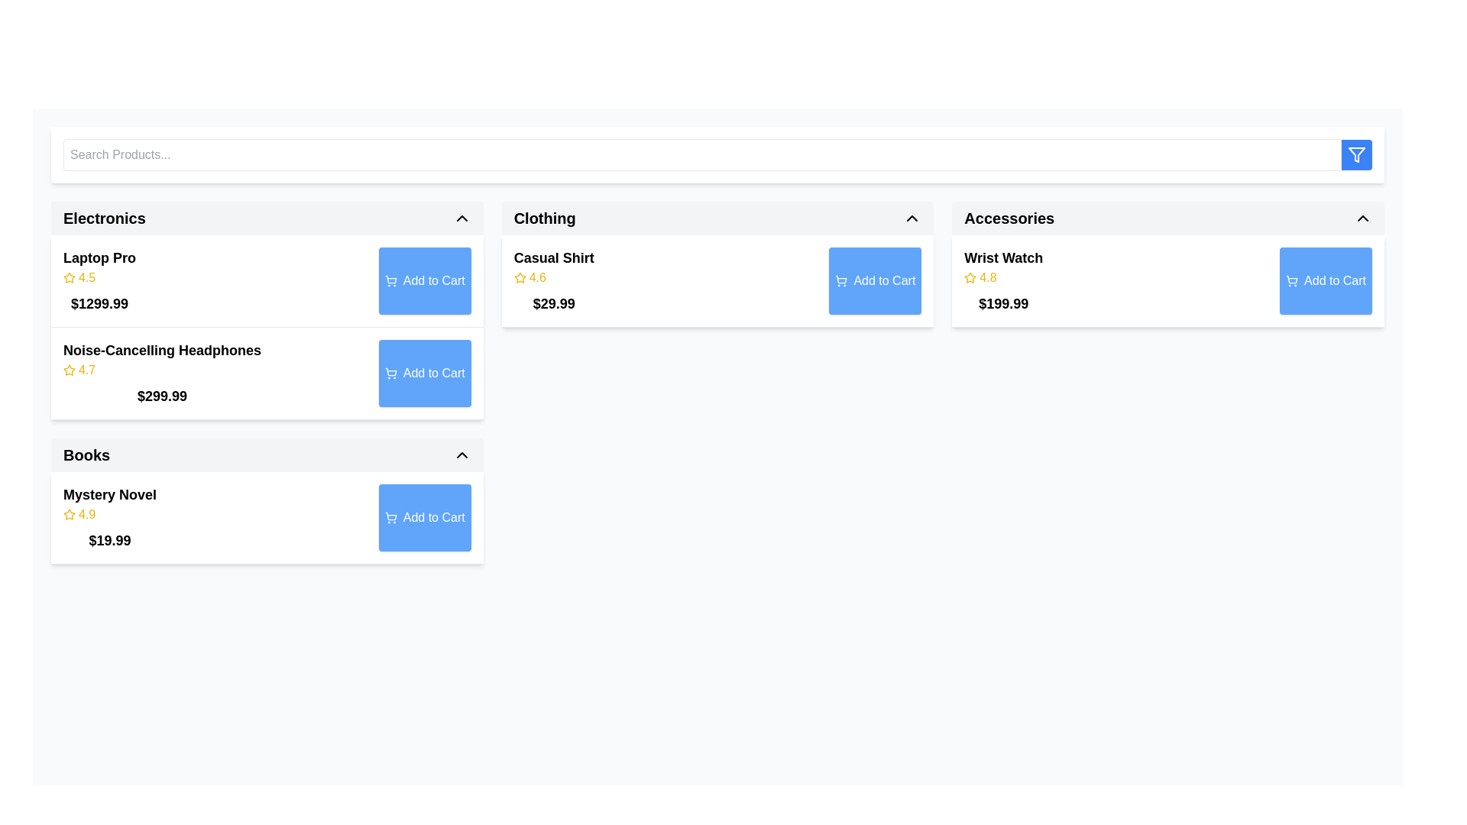 Image resolution: width=1467 pixels, height=825 pixels. Describe the element at coordinates (69, 514) in the screenshot. I see `the star icon with a hollow center and orange-yellow border located in the 'Books' section under the 'Mystery Novel' item, which is part of the rating system` at that location.